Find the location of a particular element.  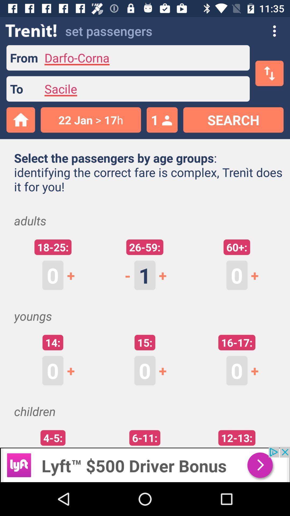

the profile icon next to the number 1 is located at coordinates (165, 121).